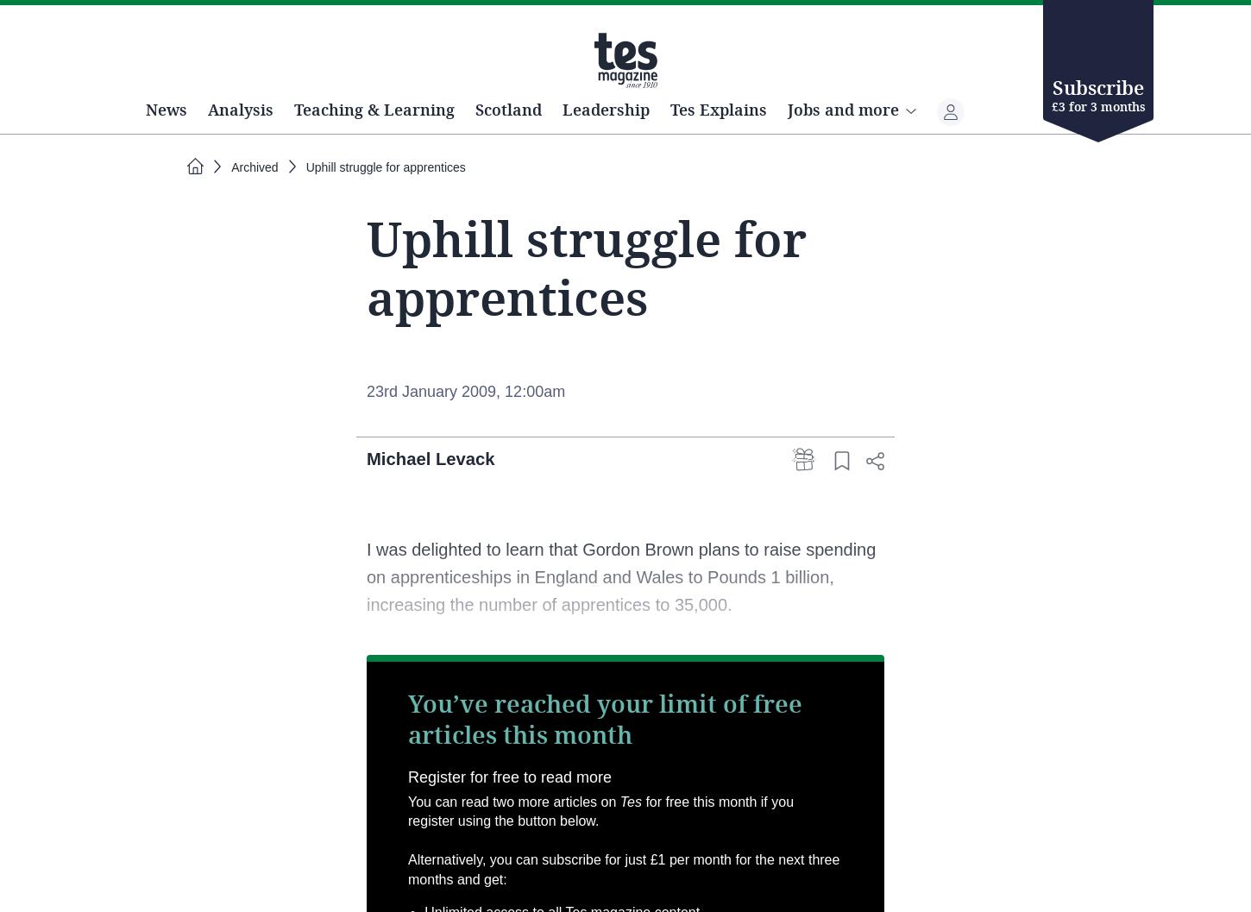 This screenshot has height=912, width=1251. What do you see at coordinates (632, 861) in the screenshot?
I see `'Tes'` at bounding box center [632, 861].